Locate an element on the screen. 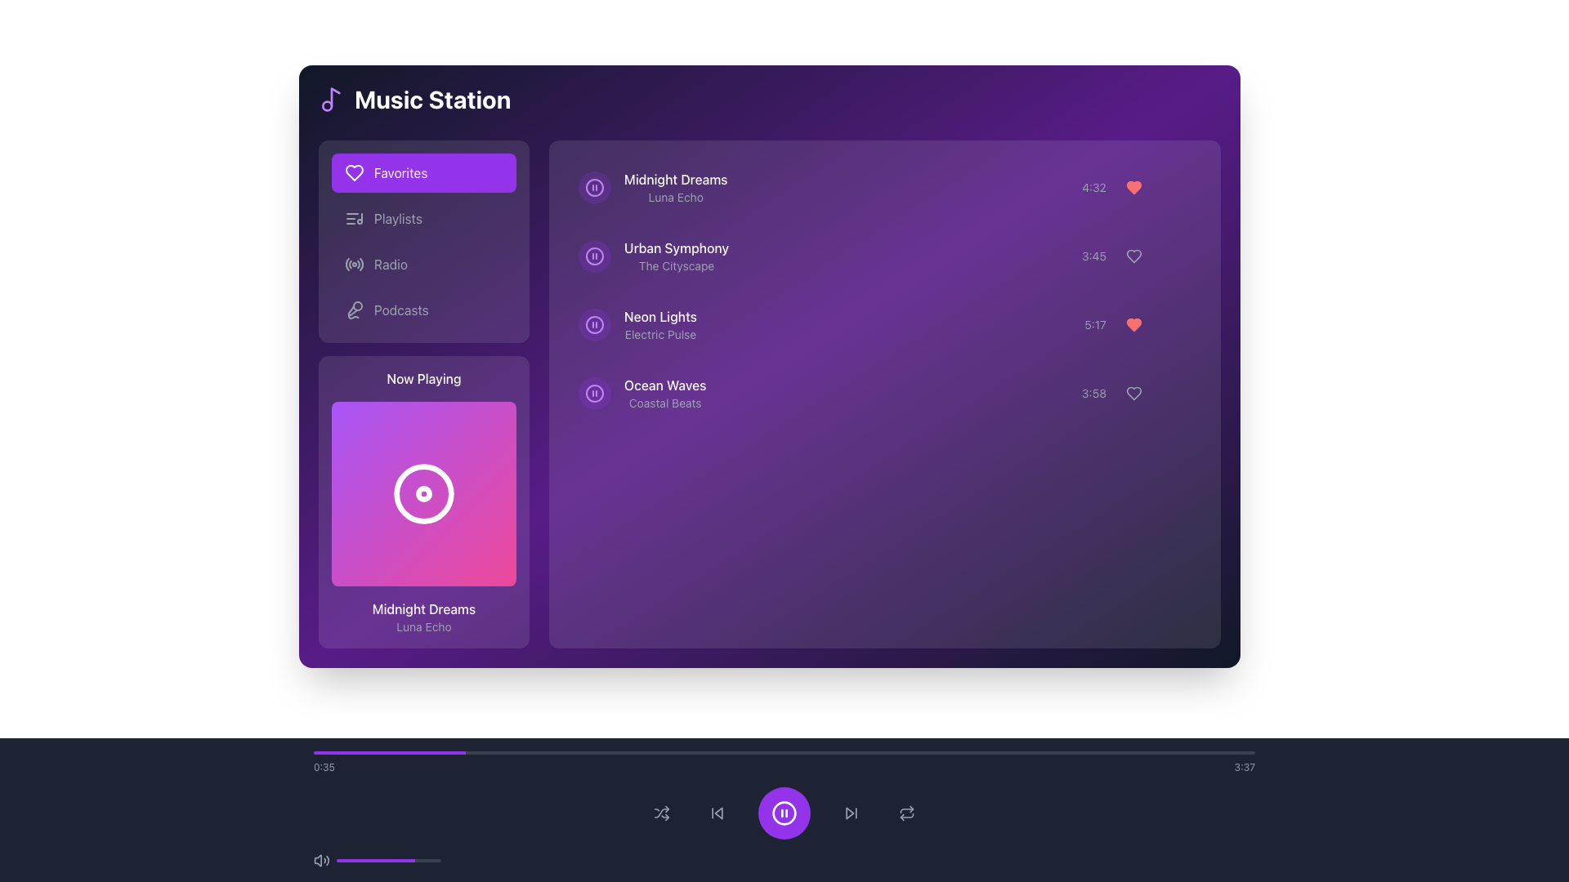 The image size is (1569, 882). the progress is located at coordinates (428, 859).